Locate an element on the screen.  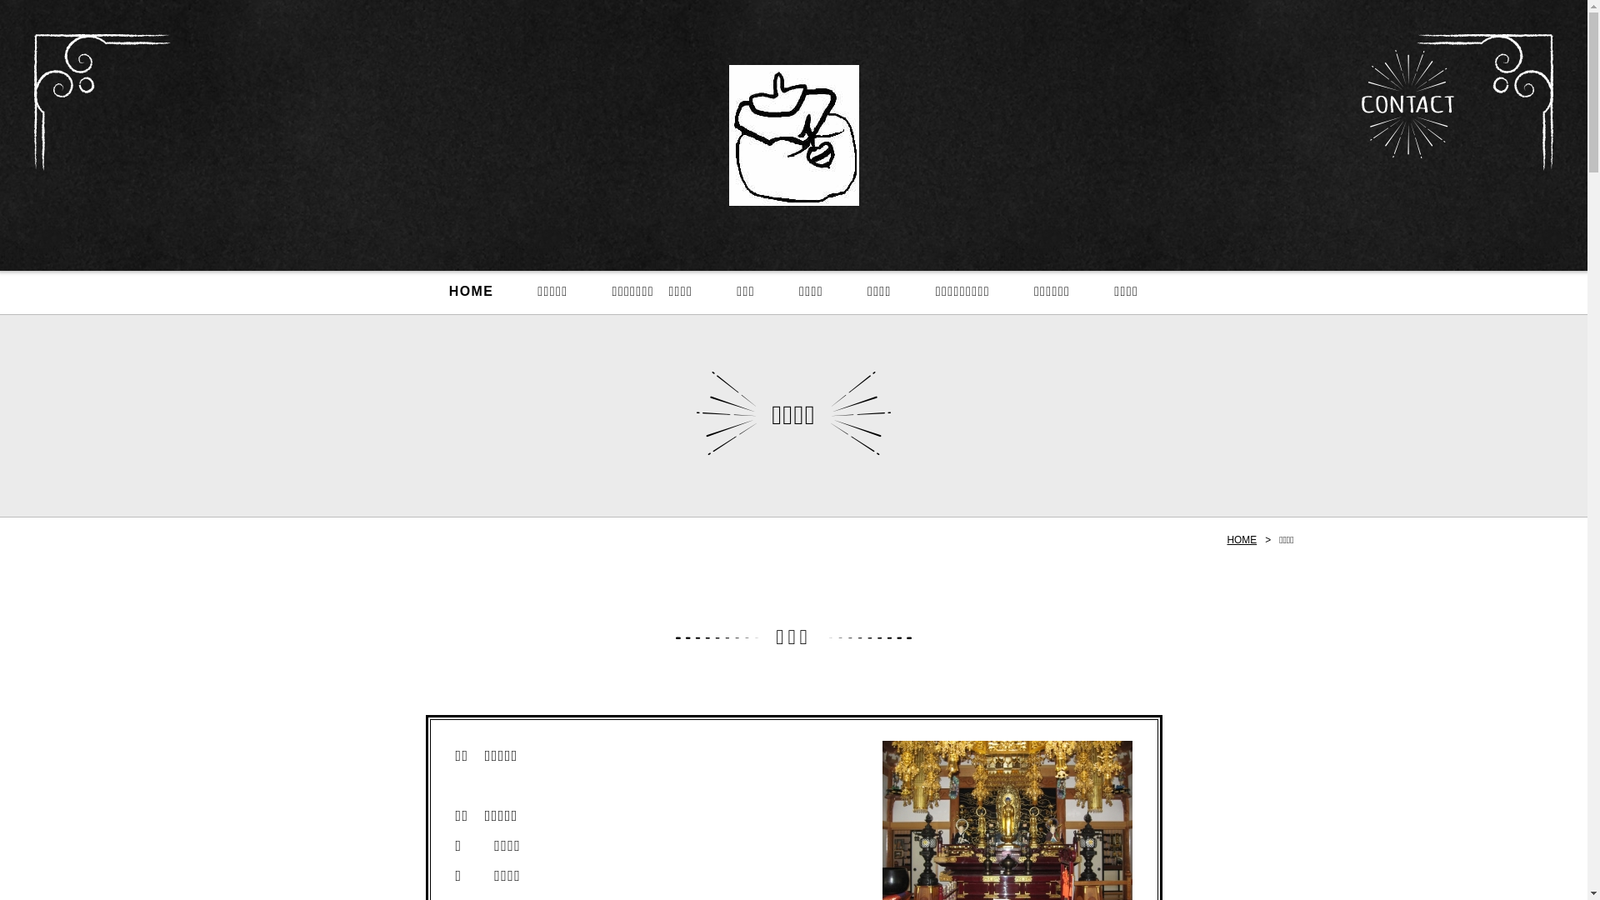
'HOME' is located at coordinates (470, 292).